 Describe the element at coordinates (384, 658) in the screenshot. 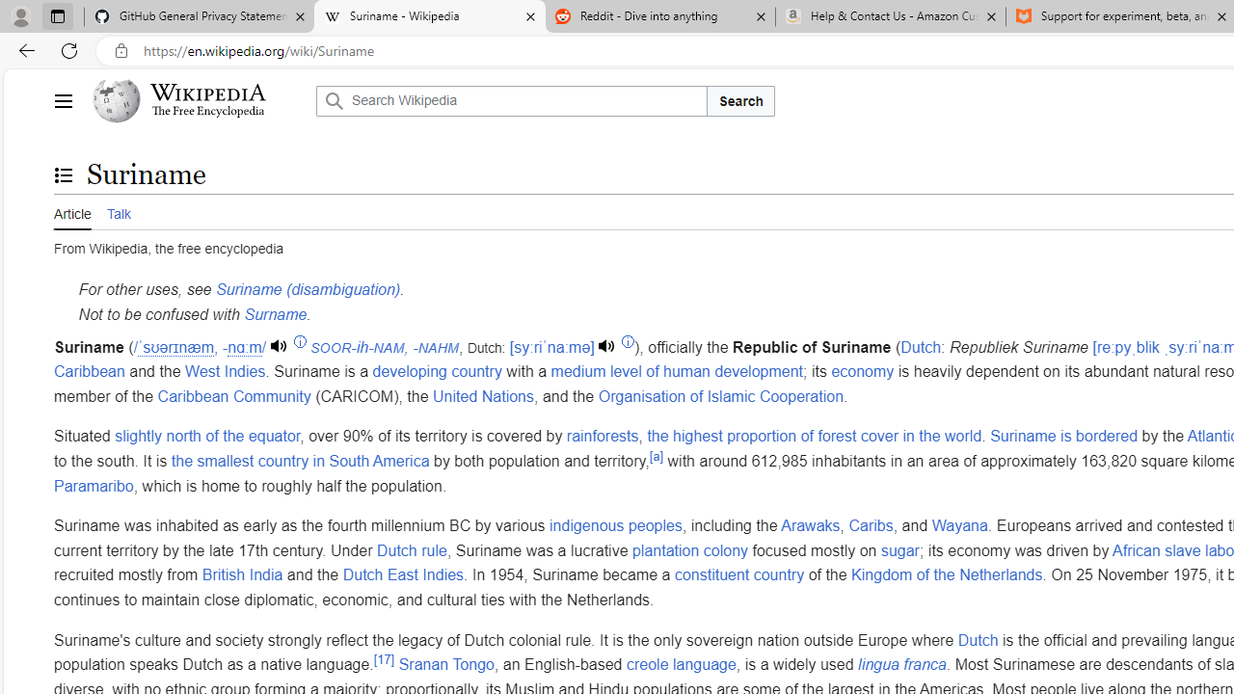

I see `'[17]'` at that location.